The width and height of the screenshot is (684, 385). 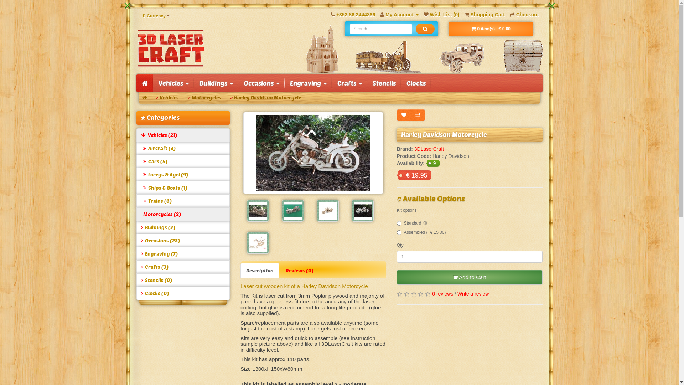 What do you see at coordinates (432, 294) in the screenshot?
I see `'0 reviews'` at bounding box center [432, 294].